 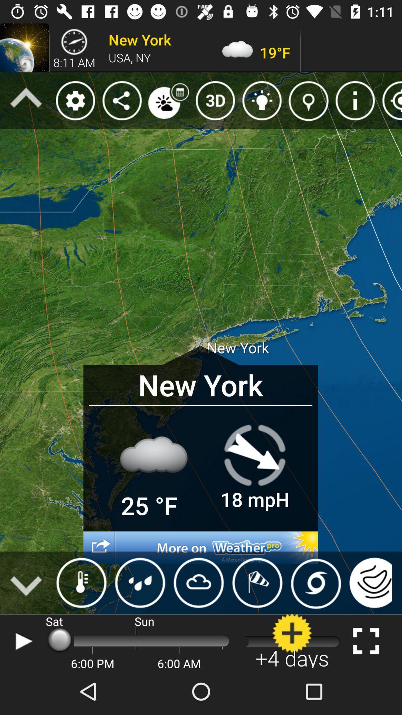 What do you see at coordinates (22, 641) in the screenshot?
I see `the play icon` at bounding box center [22, 641].